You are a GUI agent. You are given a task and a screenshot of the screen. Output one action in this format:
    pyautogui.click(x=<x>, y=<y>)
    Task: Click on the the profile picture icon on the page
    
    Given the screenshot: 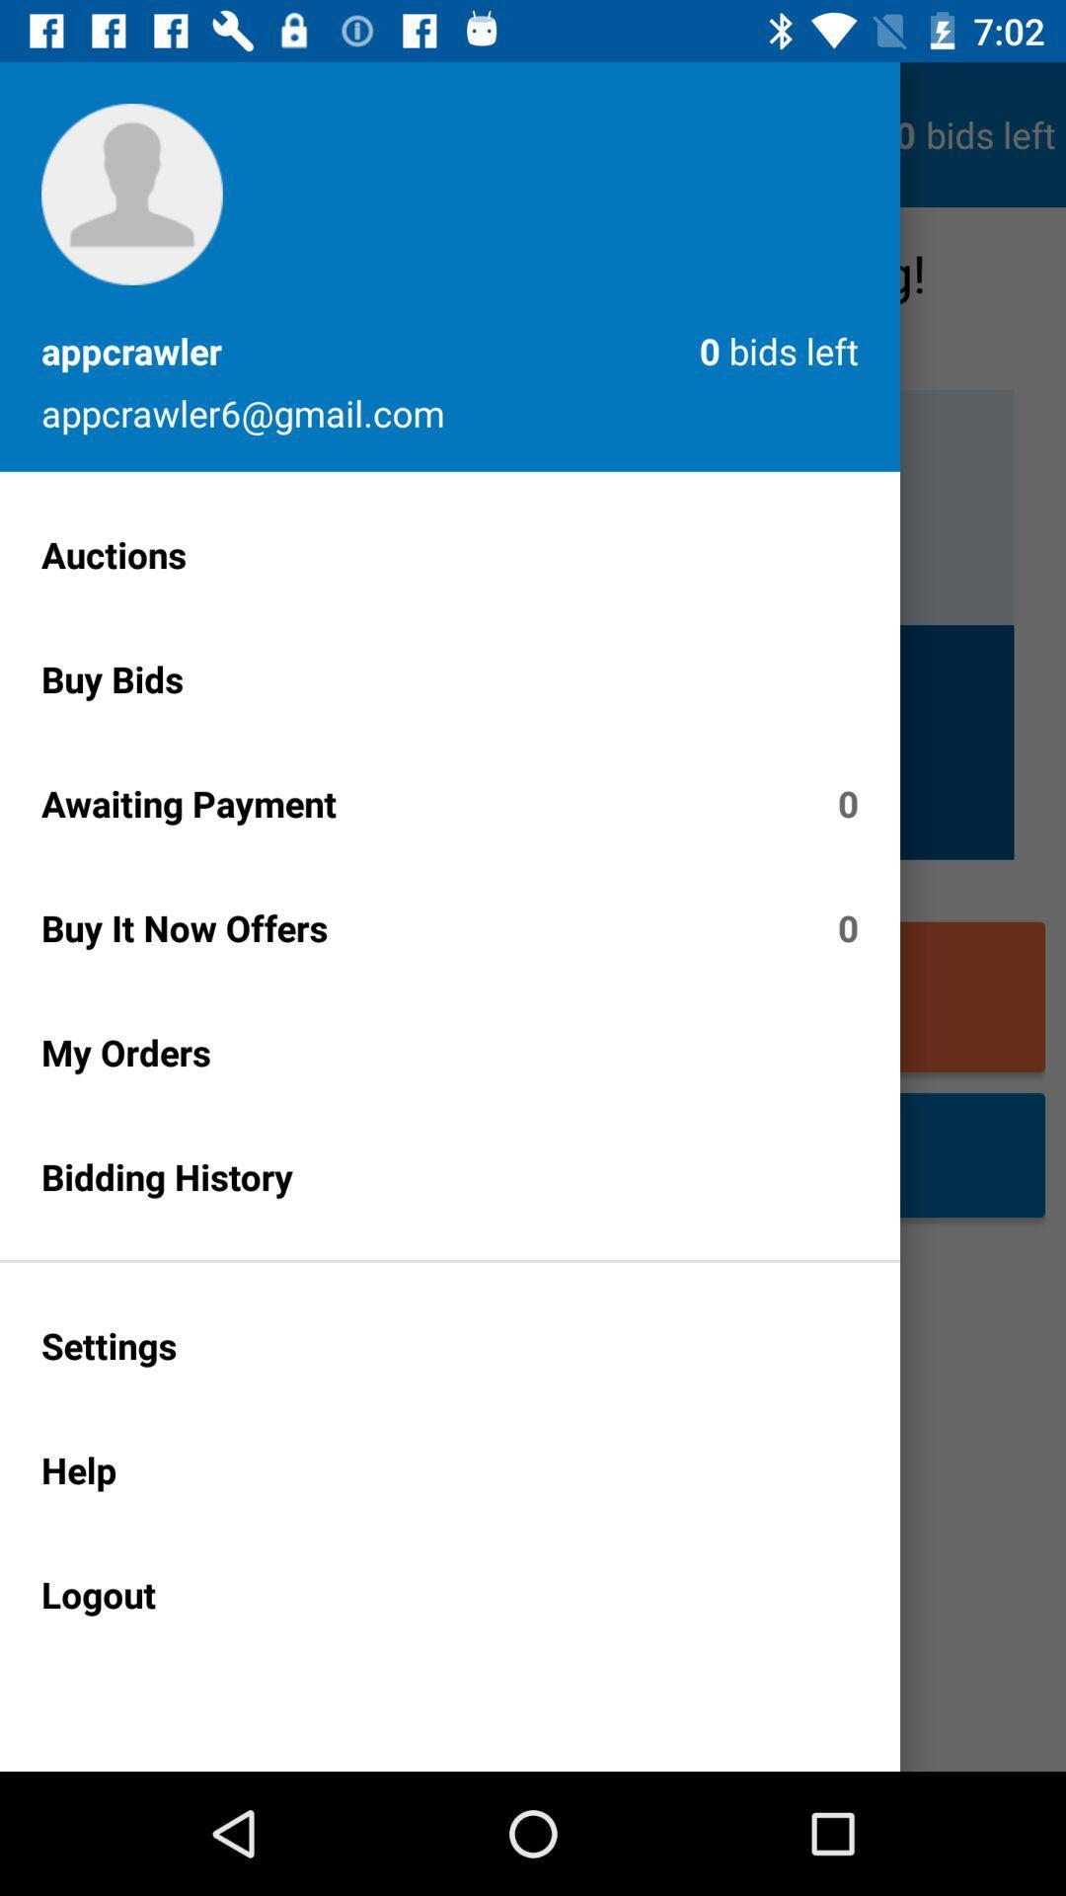 What is the action you would take?
    pyautogui.click(x=132, y=194)
    